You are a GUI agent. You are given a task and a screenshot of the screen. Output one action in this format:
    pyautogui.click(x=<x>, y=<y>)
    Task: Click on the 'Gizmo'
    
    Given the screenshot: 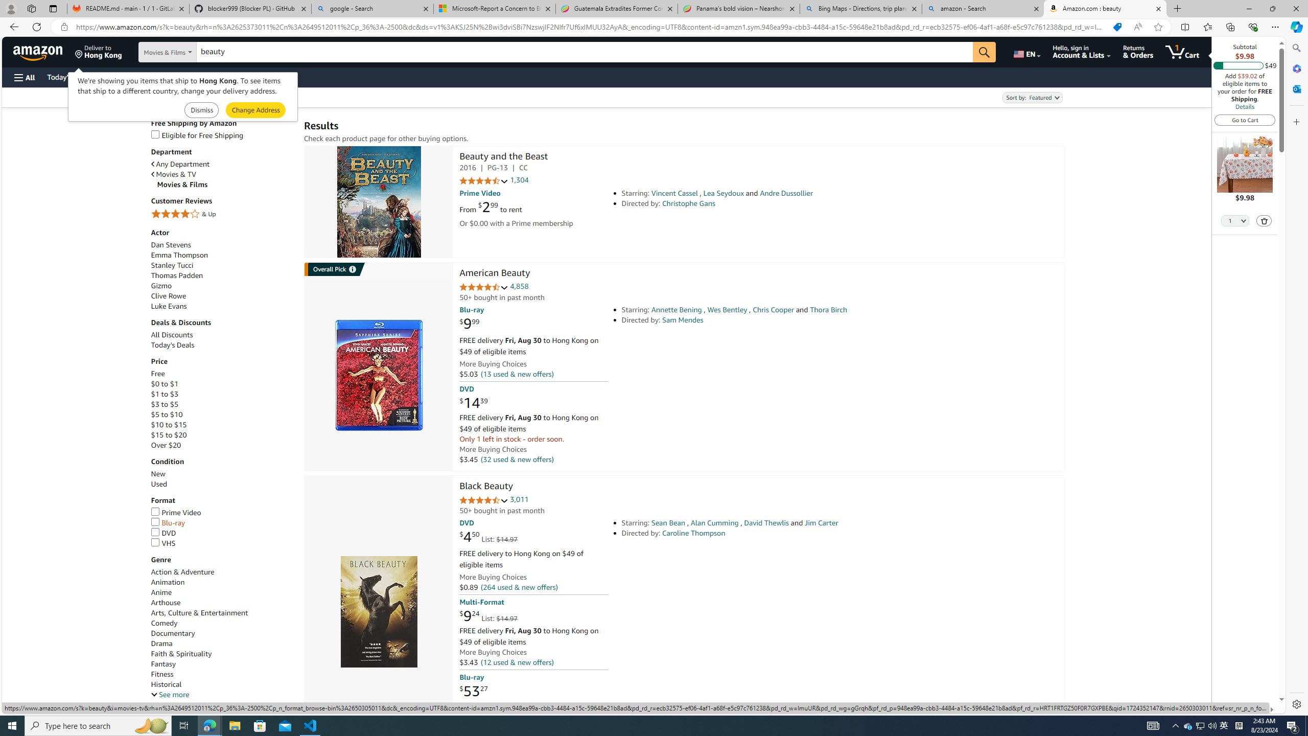 What is the action you would take?
    pyautogui.click(x=161, y=286)
    